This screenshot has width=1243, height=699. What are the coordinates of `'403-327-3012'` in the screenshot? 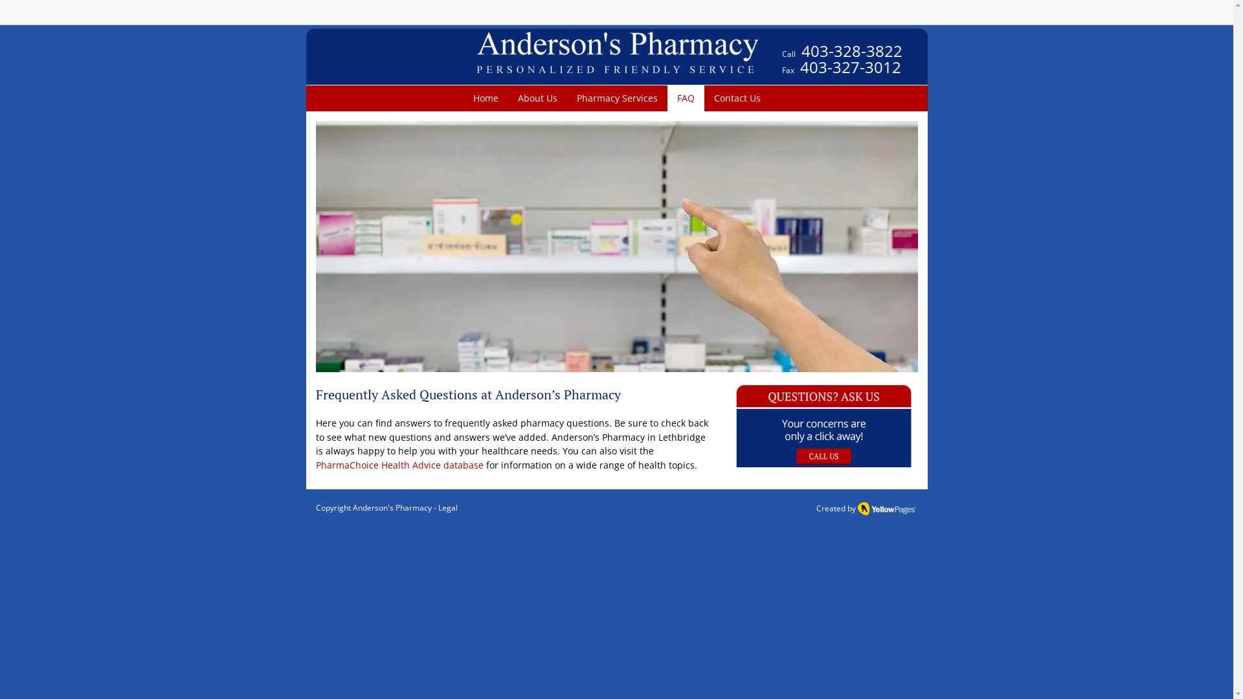 It's located at (851, 67).